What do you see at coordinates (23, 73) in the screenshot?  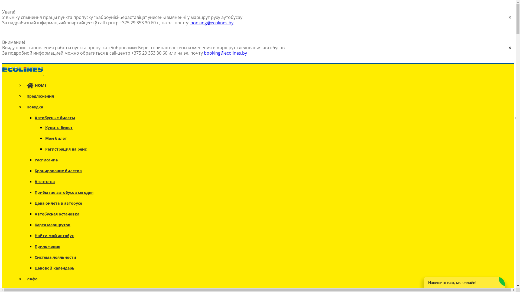 I see `'Home'` at bounding box center [23, 73].